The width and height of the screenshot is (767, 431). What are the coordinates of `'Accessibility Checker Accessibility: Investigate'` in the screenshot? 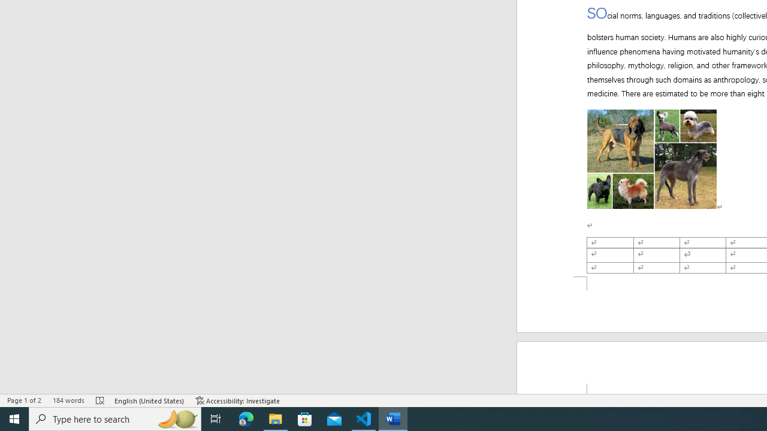 It's located at (238, 400).